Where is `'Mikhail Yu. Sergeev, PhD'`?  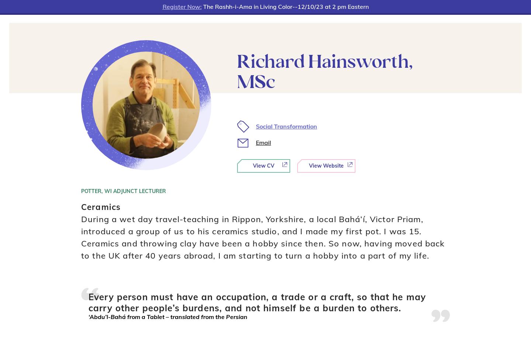
'Mikhail Yu. Sergeev, PhD' is located at coordinates (311, 300).